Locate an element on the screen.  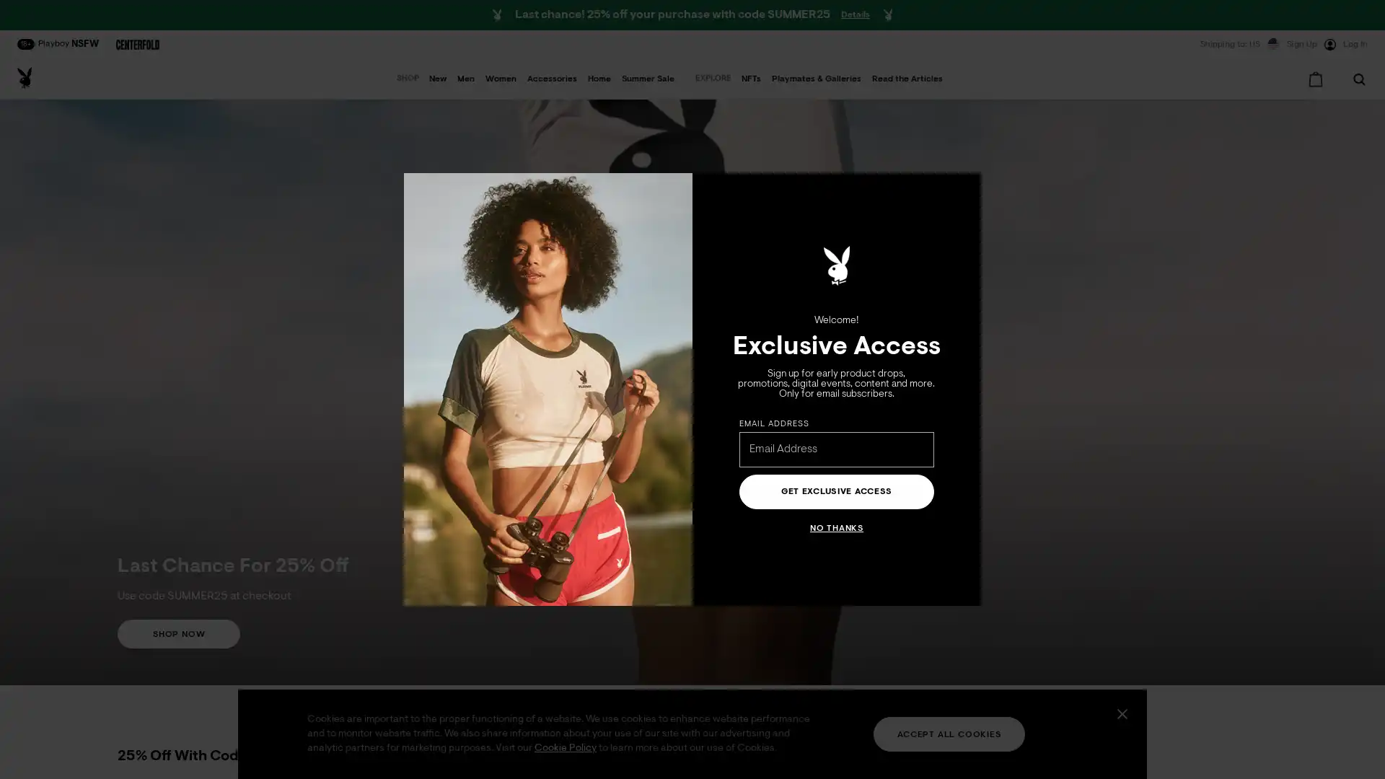
Close is located at coordinates (1121, 712).